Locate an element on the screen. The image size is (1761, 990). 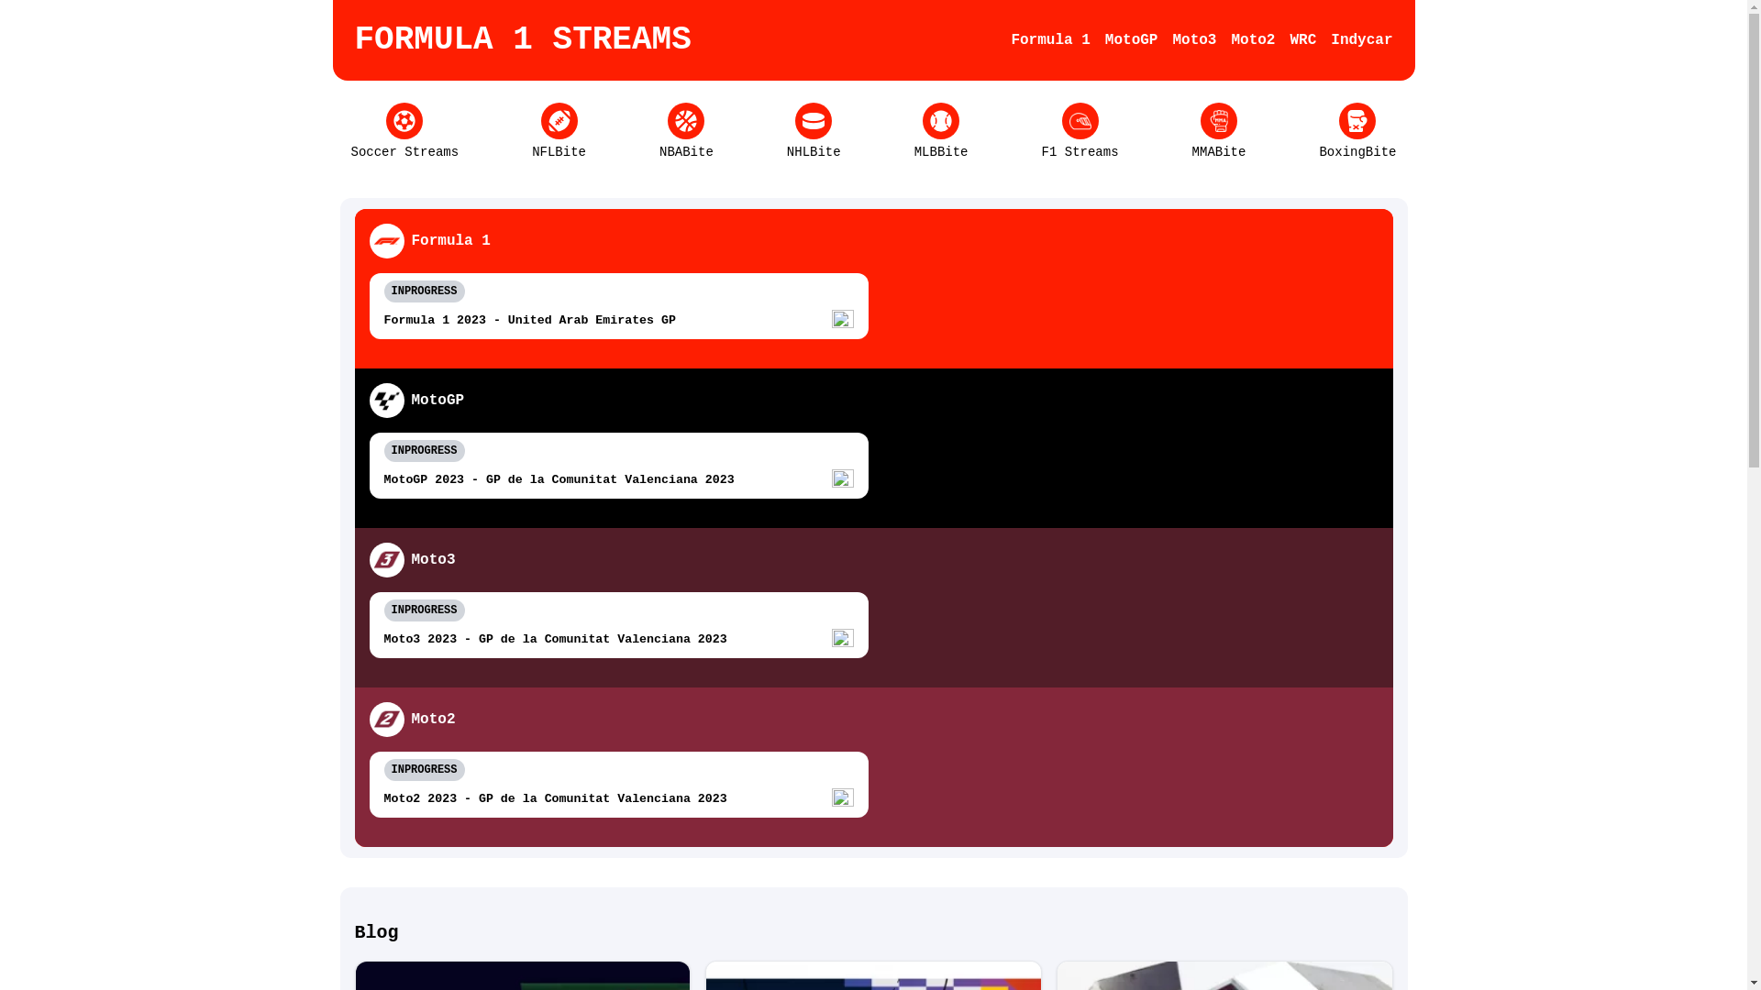
'NFLBite' is located at coordinates (523, 130).